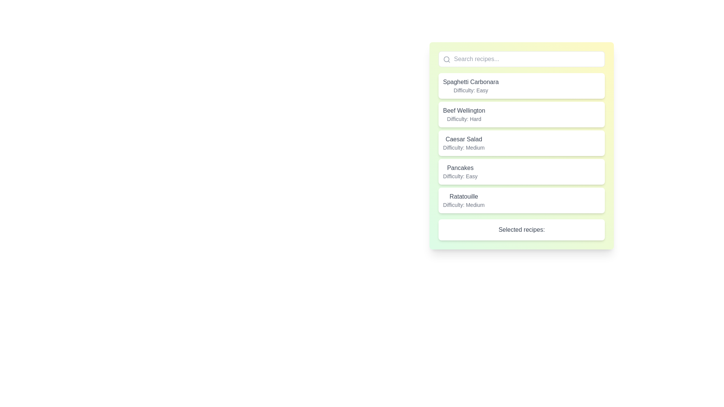  What do you see at coordinates (521, 85) in the screenshot?
I see `the selectable recipe item labeled 'Spaghetti Carbonara'` at bounding box center [521, 85].